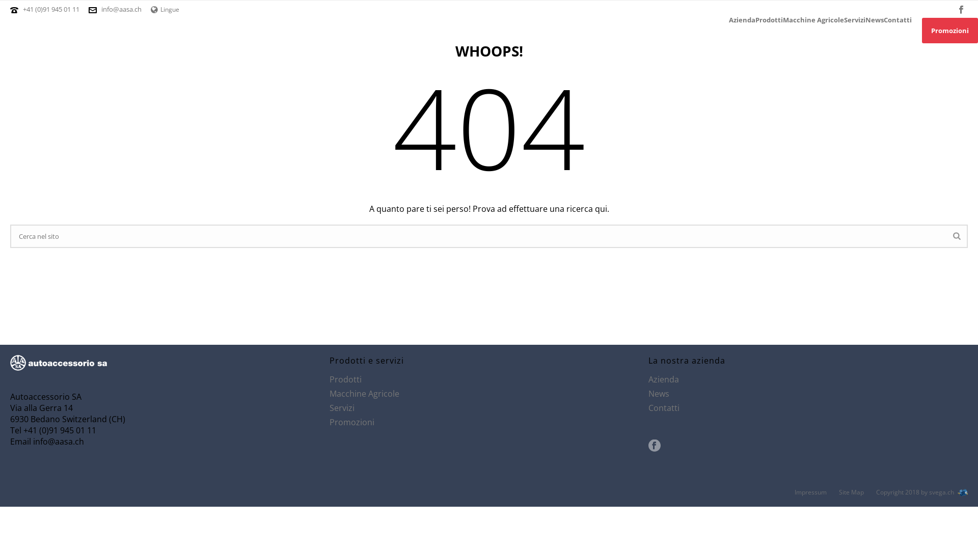 The height and width of the screenshot is (550, 978). I want to click on 'Contatti', so click(664, 407).